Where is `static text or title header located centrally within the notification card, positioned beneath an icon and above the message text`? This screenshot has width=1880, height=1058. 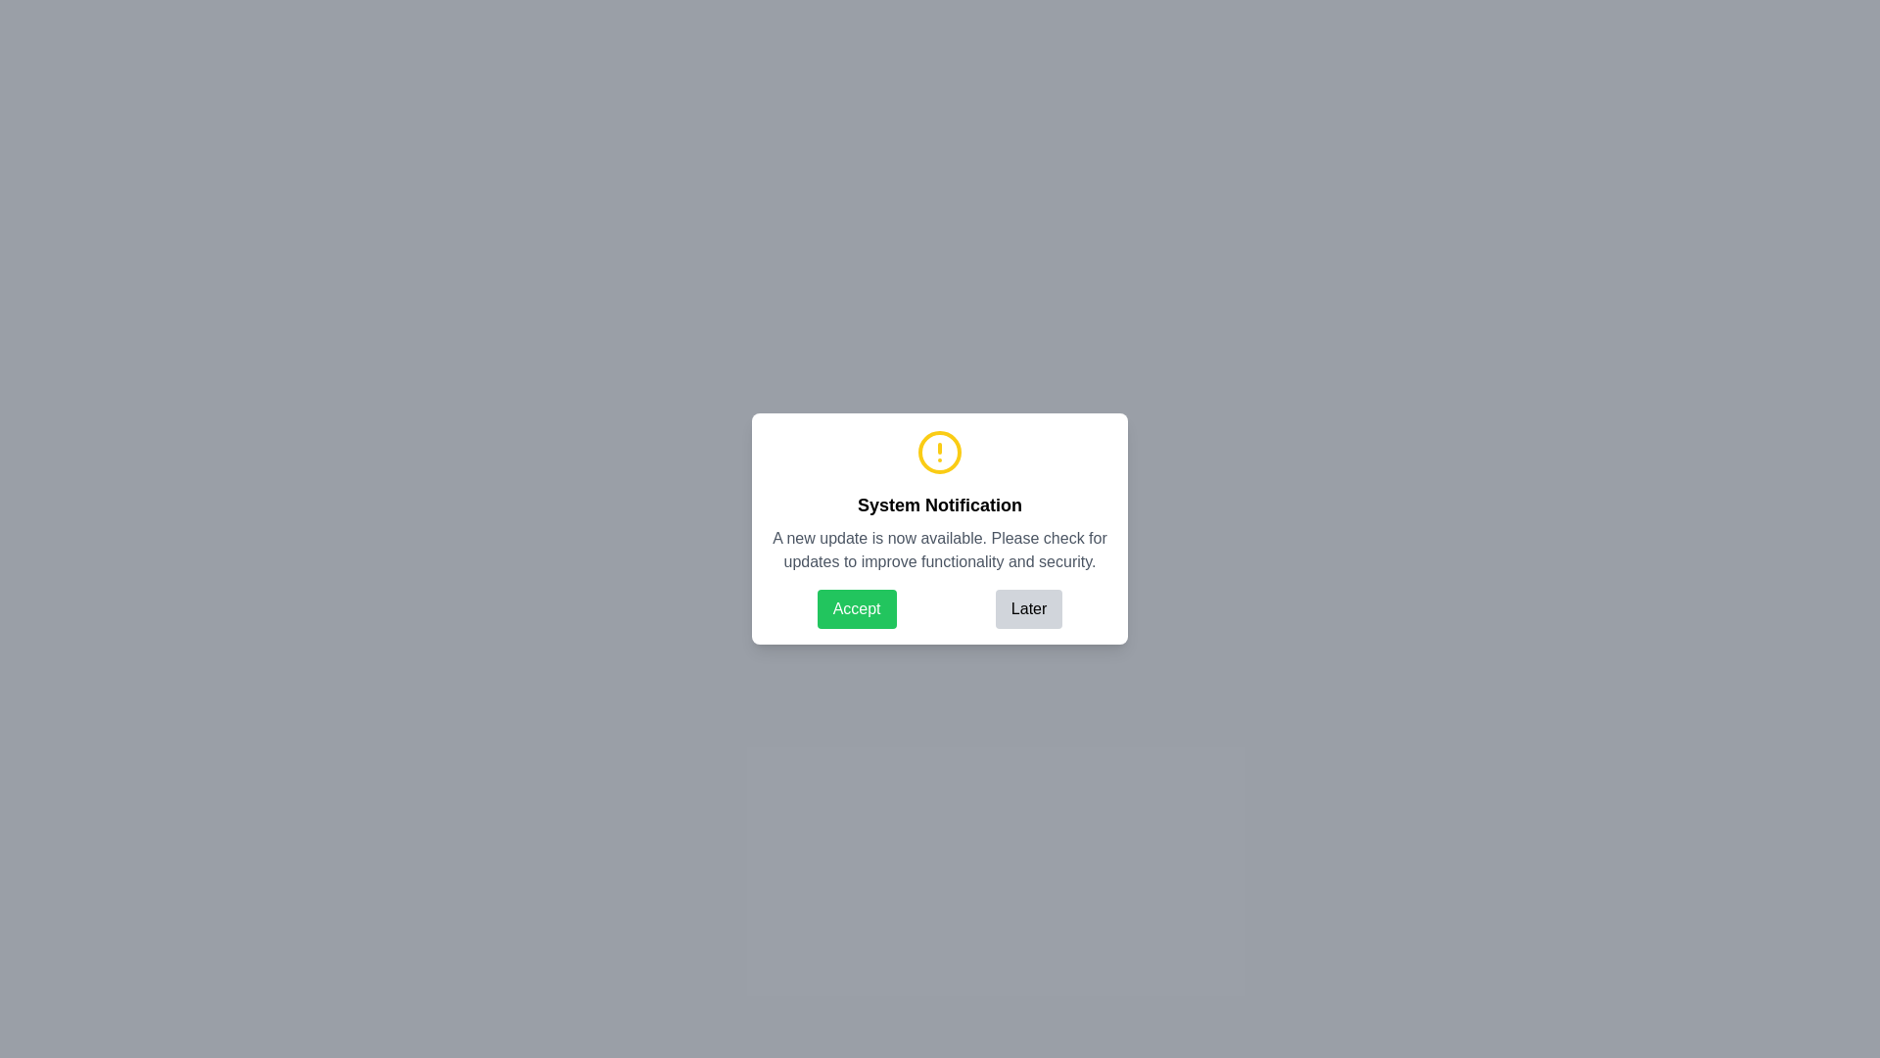
static text or title header located centrally within the notification card, positioned beneath an icon and above the message text is located at coordinates (940, 505).